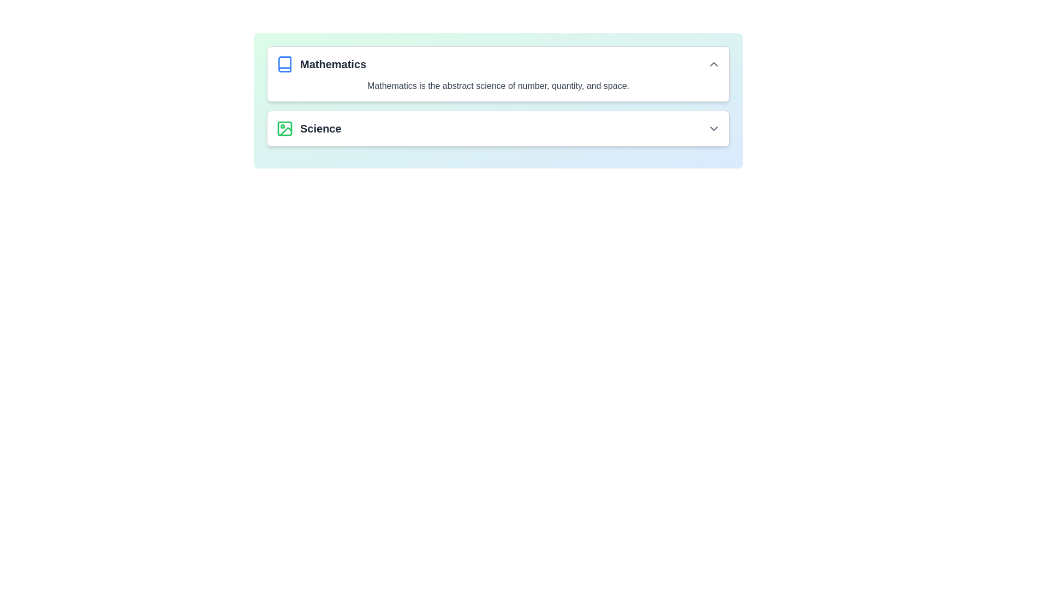 Image resolution: width=1048 pixels, height=589 pixels. I want to click on the first row item of the dropdown category labeled just below 'Mathematics', so click(497, 128).